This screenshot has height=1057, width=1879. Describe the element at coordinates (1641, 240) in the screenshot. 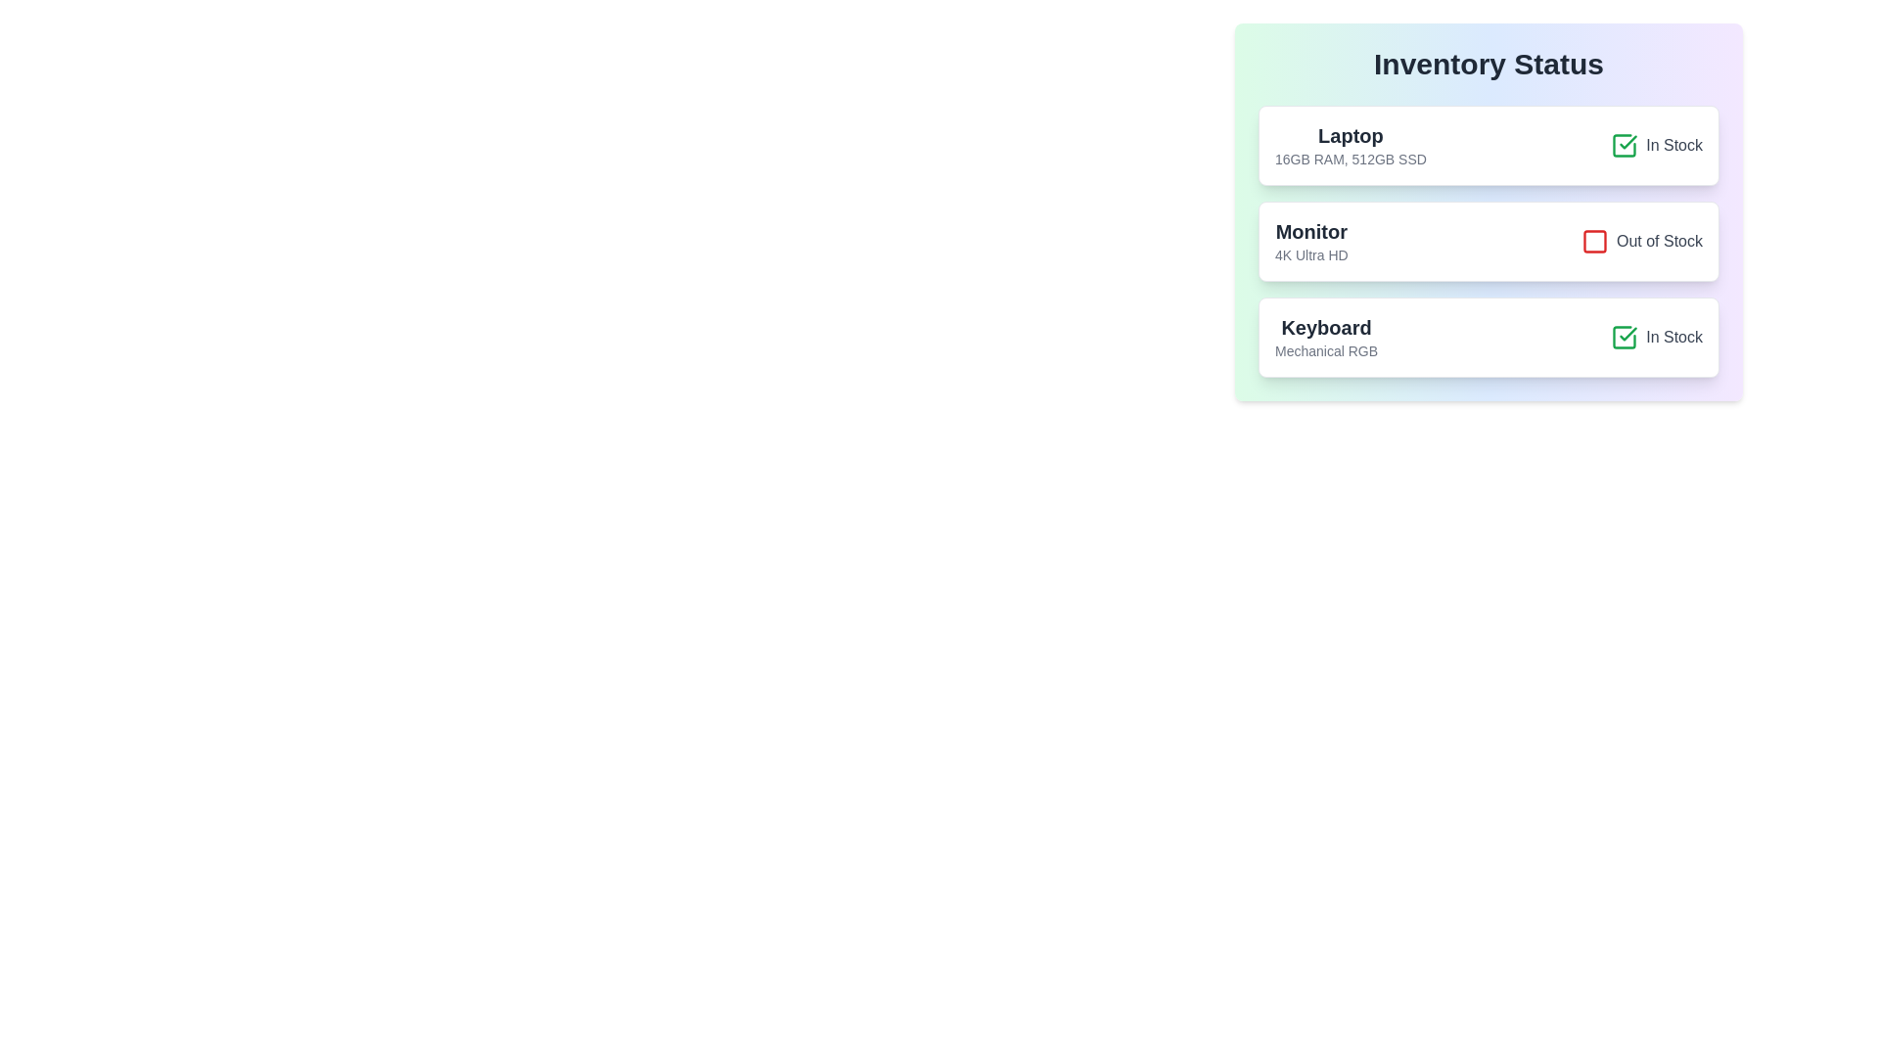

I see `the second status indicator with icon and label that informs the user about item unavailability` at that location.